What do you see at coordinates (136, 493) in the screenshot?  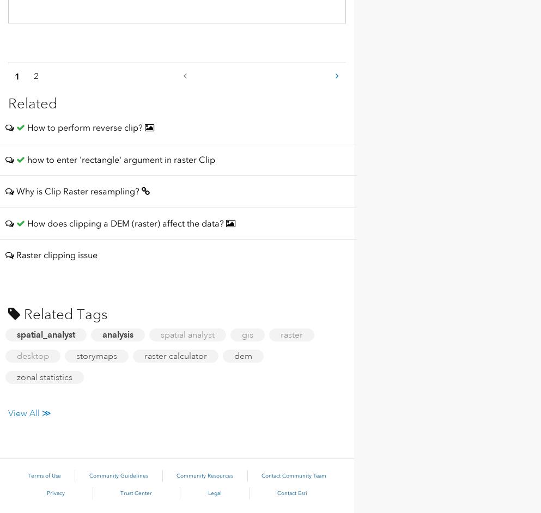 I see `'Trust Center'` at bounding box center [136, 493].